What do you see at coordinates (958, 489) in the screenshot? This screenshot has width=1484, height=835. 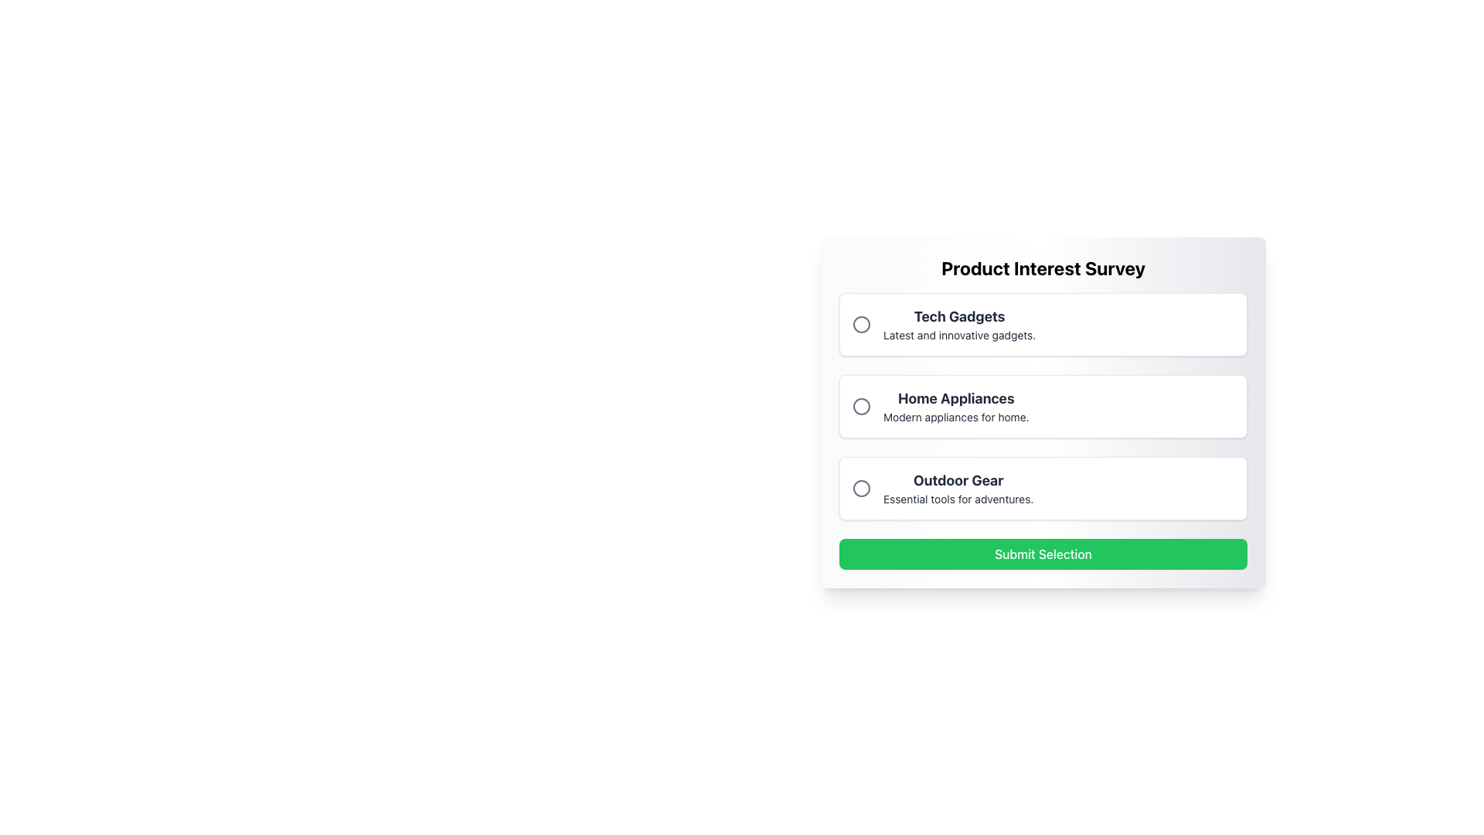 I see `to select the third selectable option labeled 'Outdoor Gear', which includes a bold title and a subtitle, positioned in the middle of the interface` at bounding box center [958, 489].